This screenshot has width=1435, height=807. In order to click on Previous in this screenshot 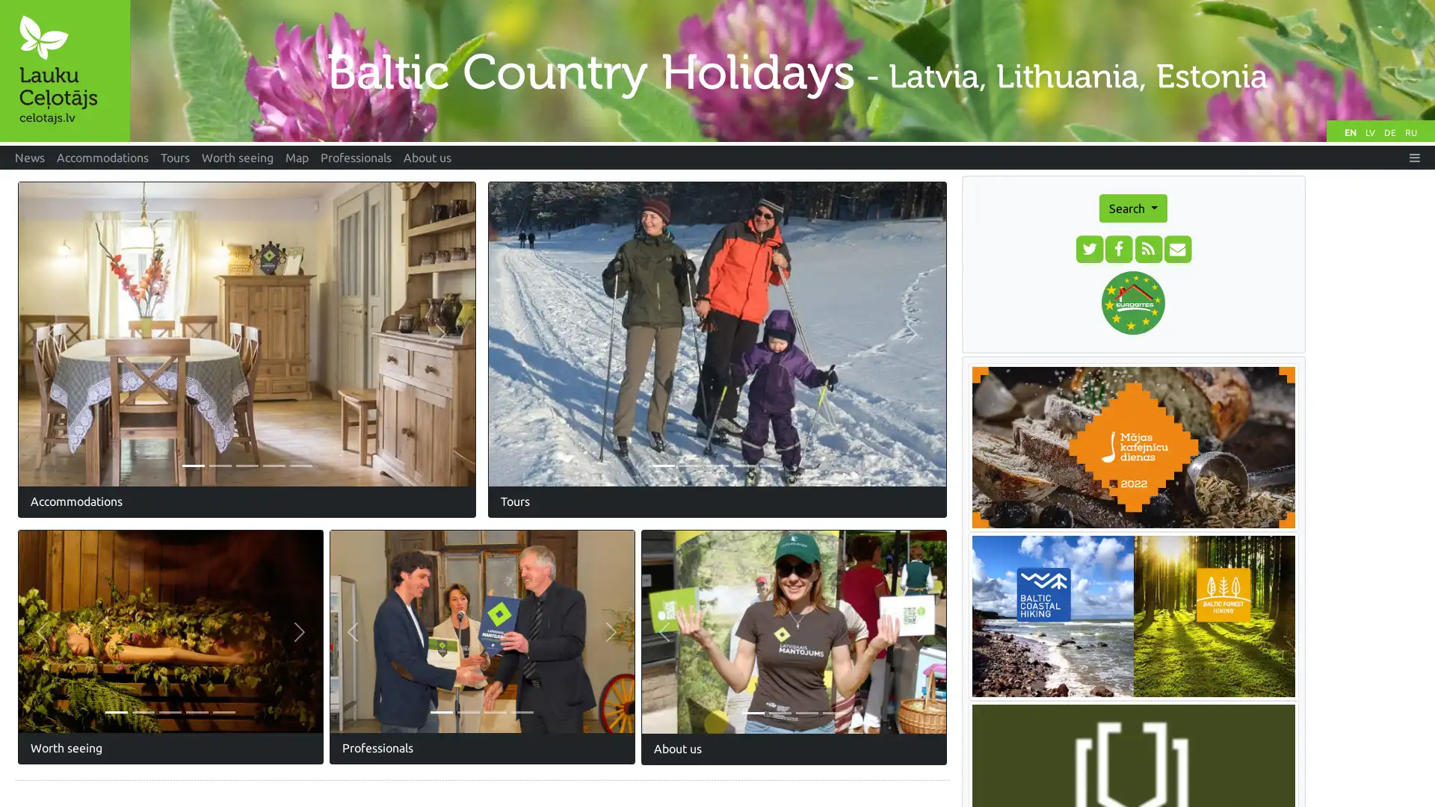, I will do `click(523, 333)`.